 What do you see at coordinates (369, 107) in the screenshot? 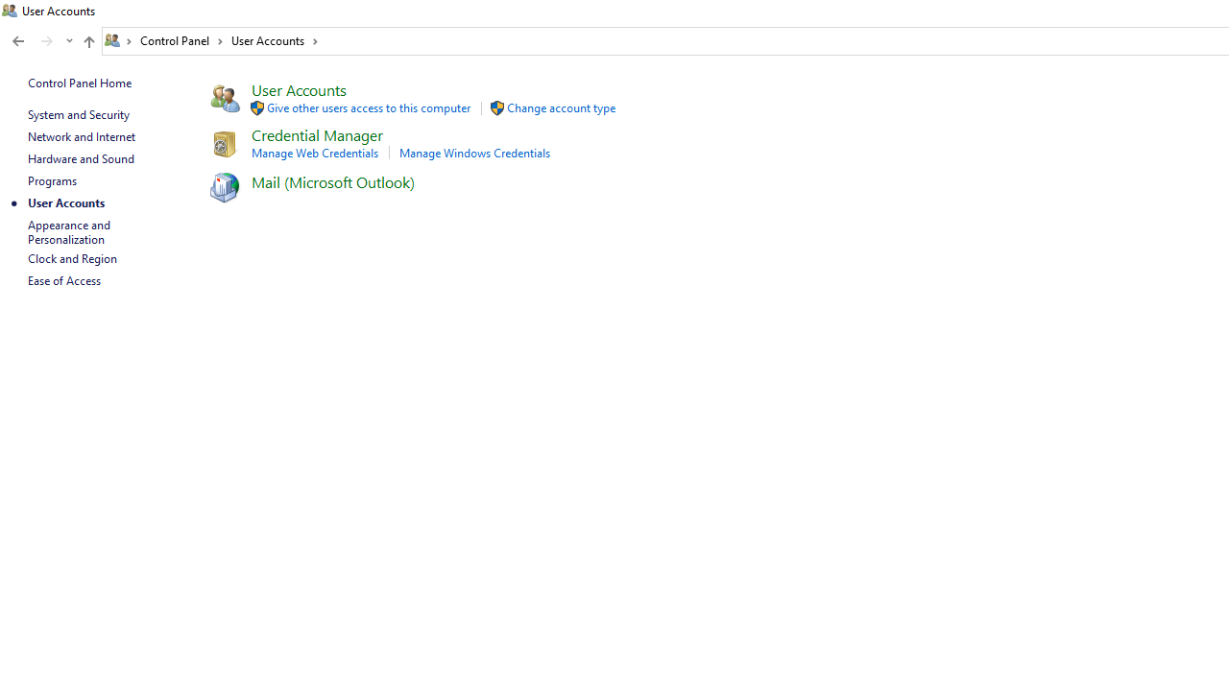
I see `'Give other users access to this computer'` at bounding box center [369, 107].